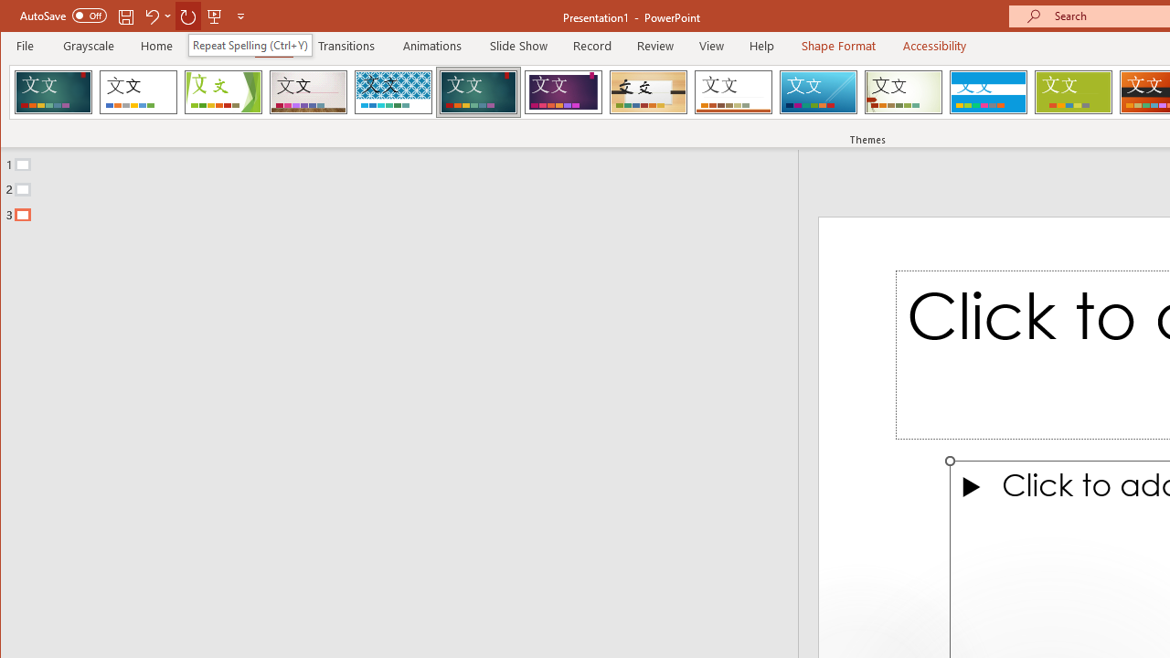 This screenshot has width=1170, height=658. I want to click on 'Gallery', so click(308, 91).